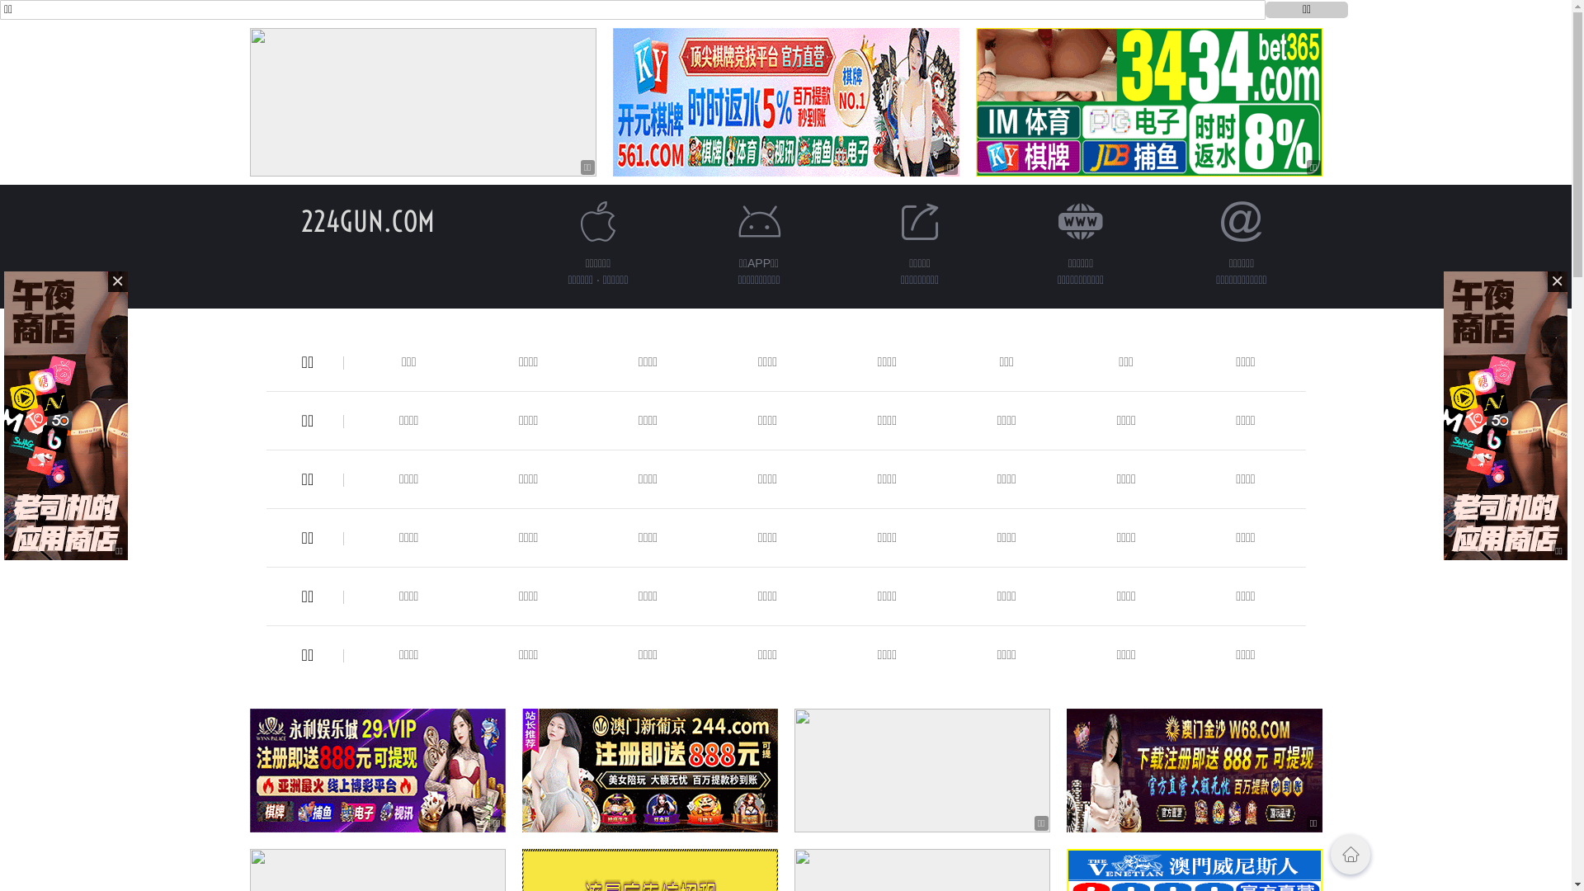 The width and height of the screenshot is (1584, 891). Describe the element at coordinates (366, 220) in the screenshot. I see `'224GUN.COM'` at that location.